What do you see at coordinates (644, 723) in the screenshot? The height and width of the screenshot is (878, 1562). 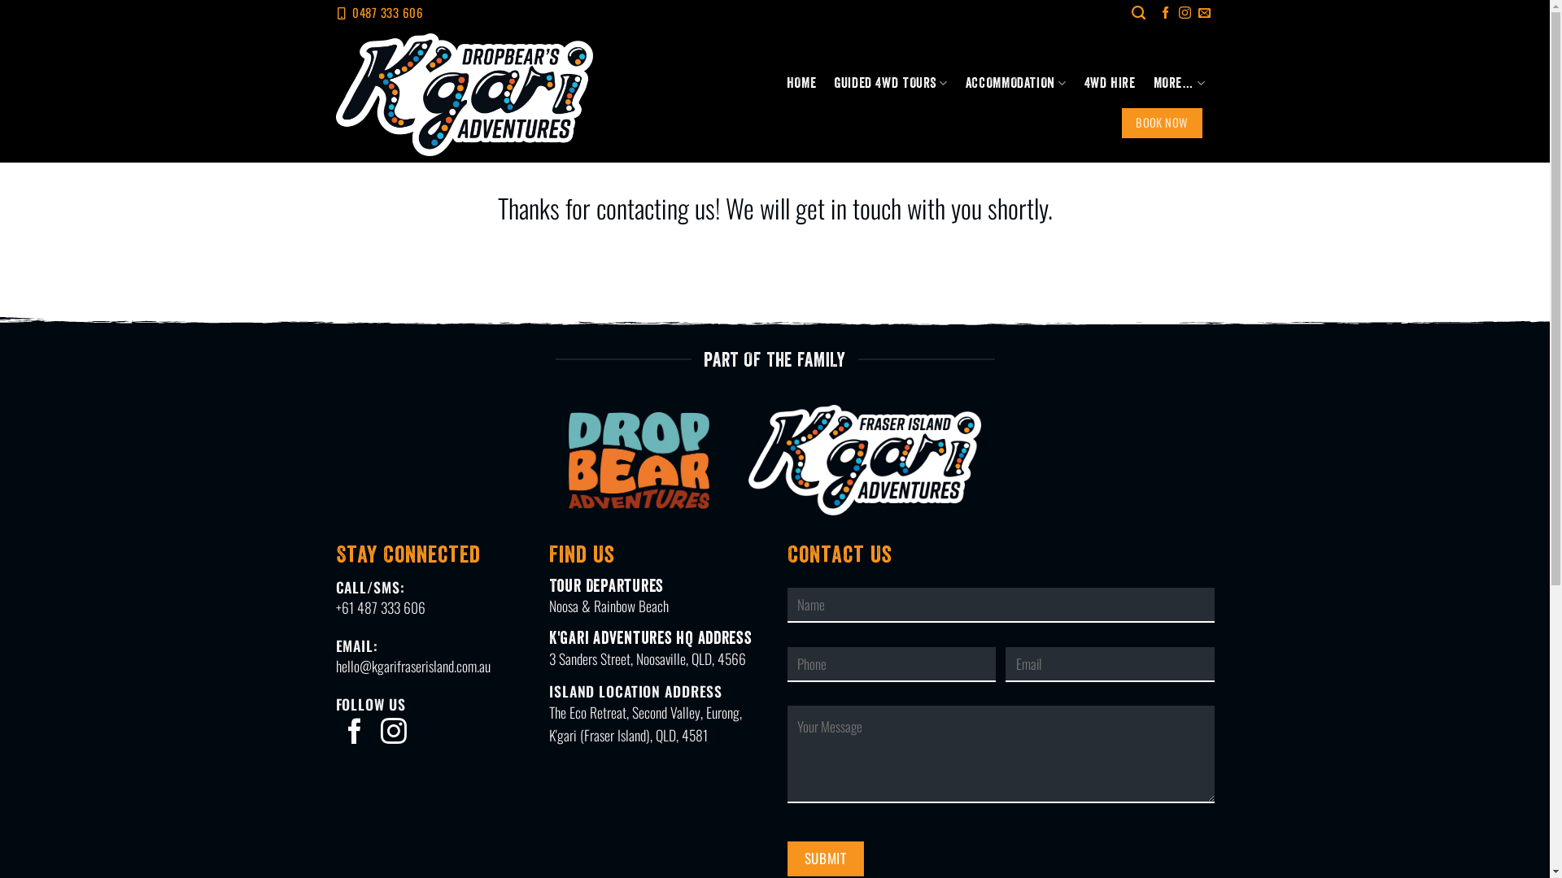 I see `'Eurong, K'gari (Fraser Island), QLD, 4581'` at bounding box center [644, 723].